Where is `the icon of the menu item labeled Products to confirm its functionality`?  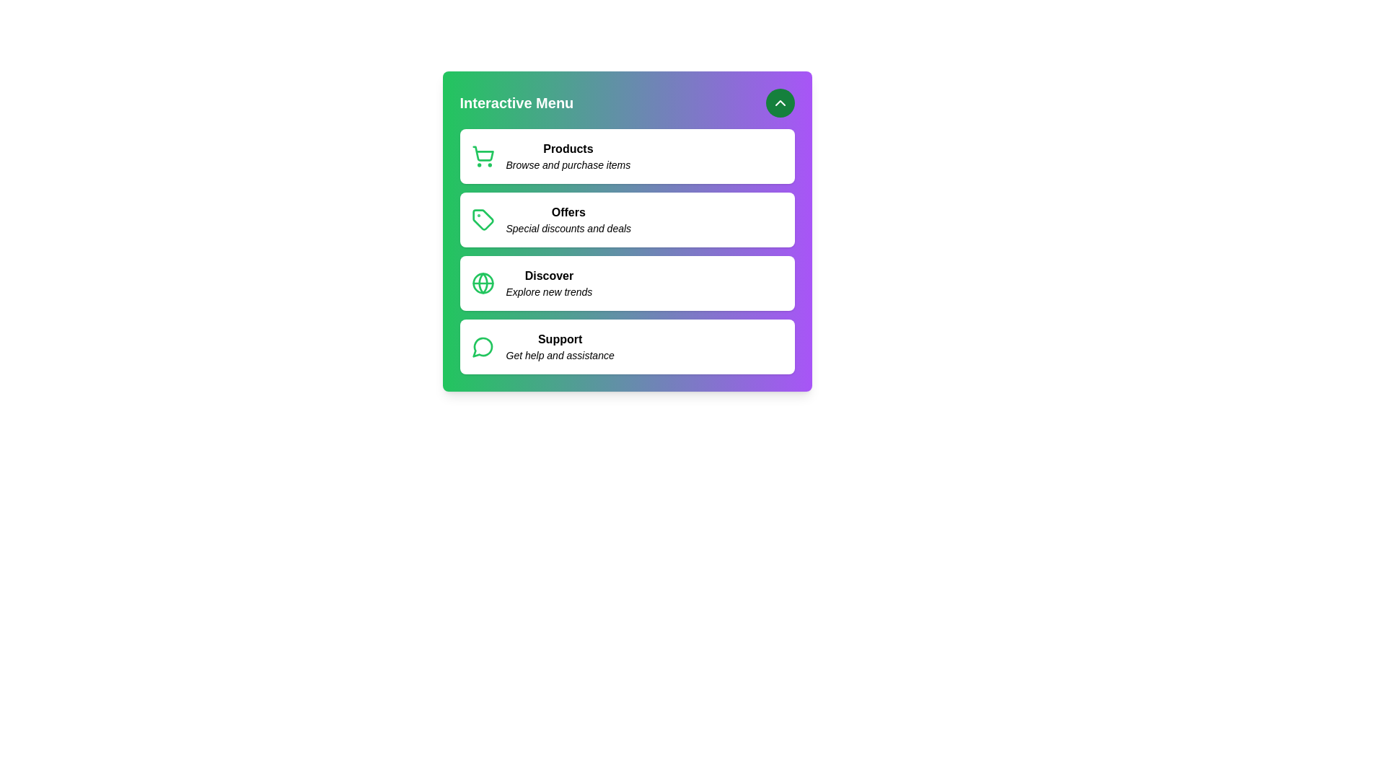 the icon of the menu item labeled Products to confirm its functionality is located at coordinates (483, 156).